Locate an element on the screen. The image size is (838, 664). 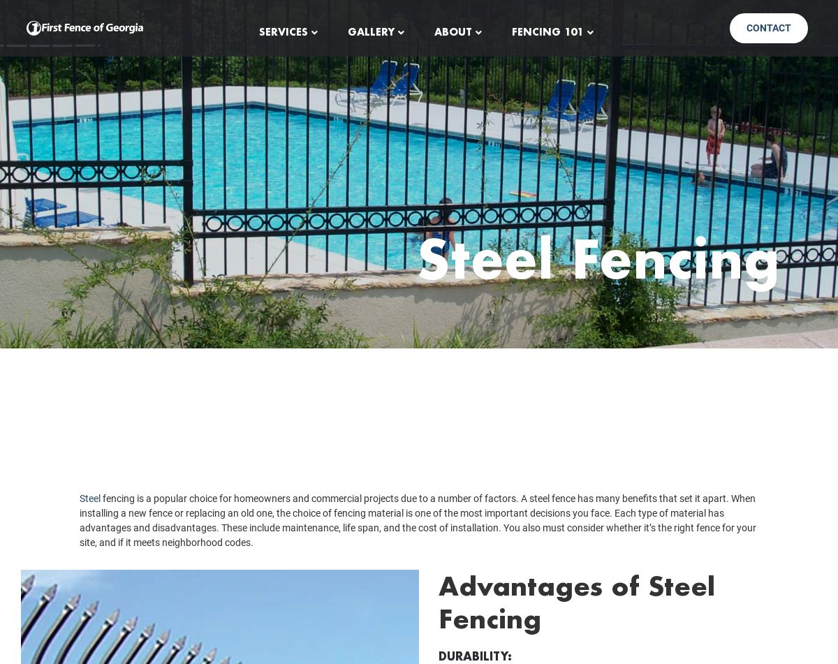
'Steel Fencing' is located at coordinates (596, 279).